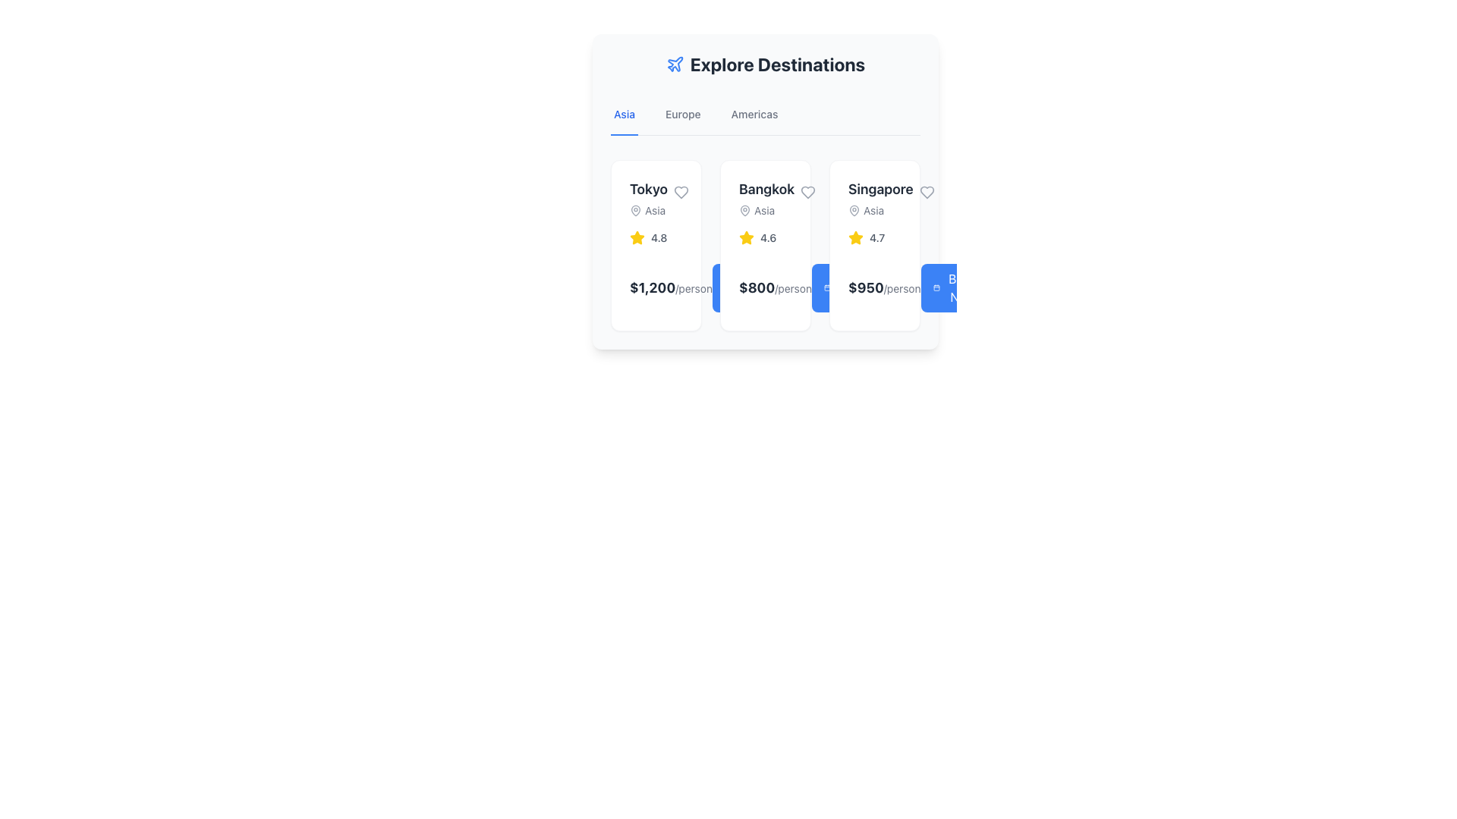  What do you see at coordinates (766, 210) in the screenshot?
I see `the text 'Asia' with the pin icon located under the city name in the Bangkok card, which is part of the 'Explore Destinations' section` at bounding box center [766, 210].